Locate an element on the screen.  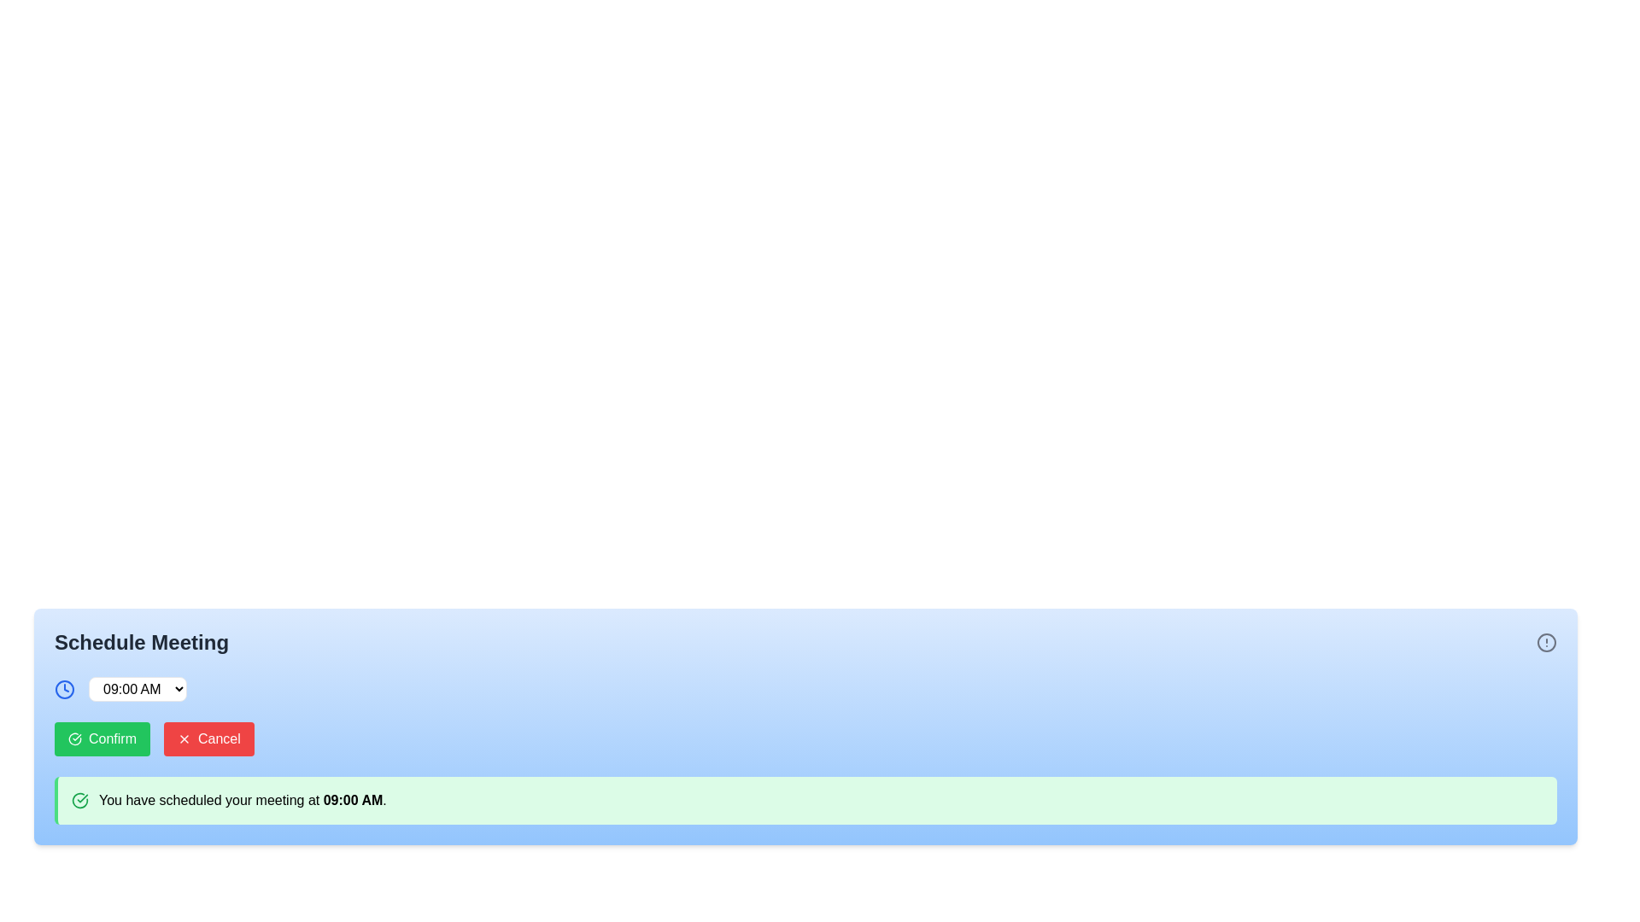
the Text label displaying the scheduled meeting time at '09:00 AM', which is located within a notification section with a green background is located at coordinates (352, 800).